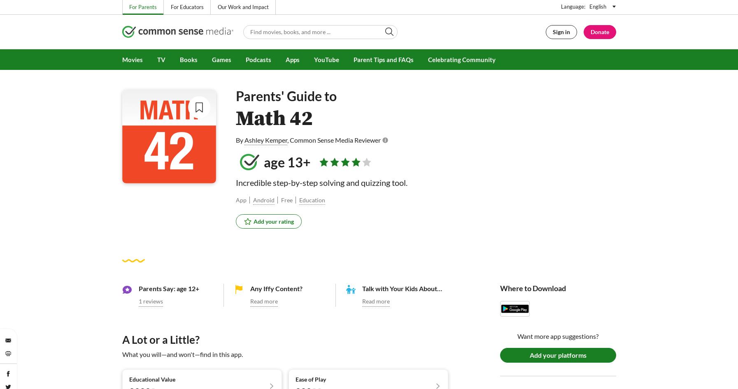 The image size is (738, 389). I want to click on '1 reviews', so click(150, 300).